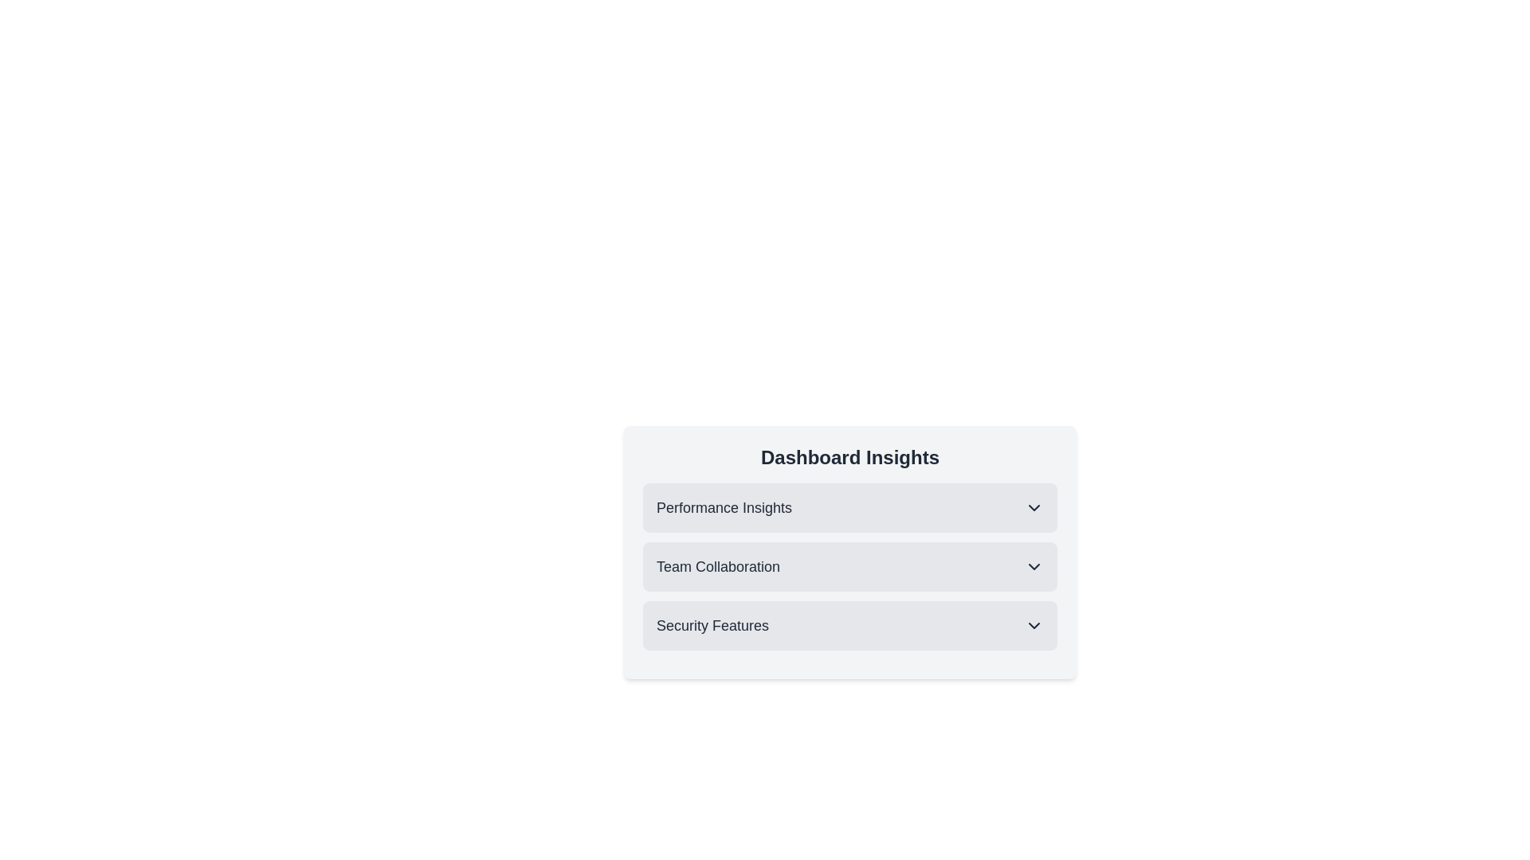 This screenshot has height=860, width=1530. Describe the element at coordinates (1034, 566) in the screenshot. I see `the black downward-facing chevron icon indicating expandable content, located to the right of the 'Team Collaboration' text for potential visual feedback` at that location.